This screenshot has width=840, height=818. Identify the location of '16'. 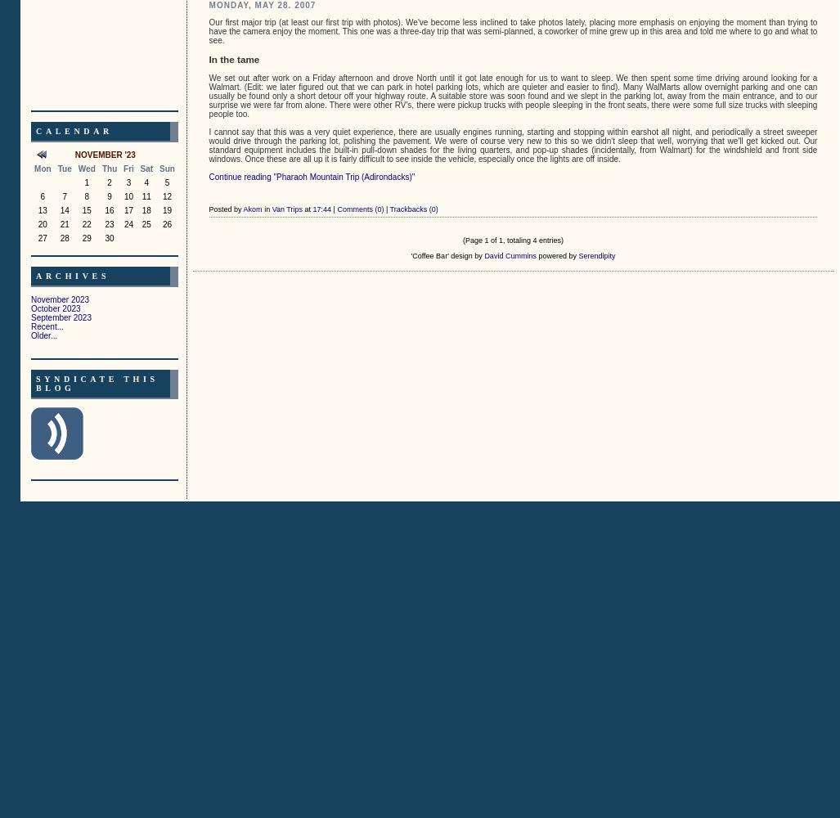
(109, 209).